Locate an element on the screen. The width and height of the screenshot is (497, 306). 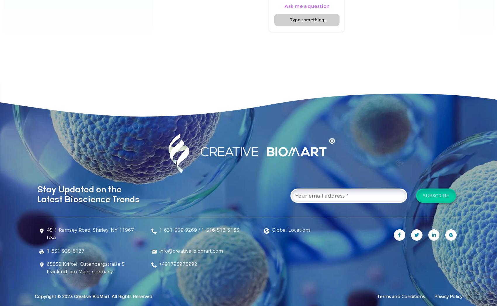
'Privacy Policy' is located at coordinates (448, 296).